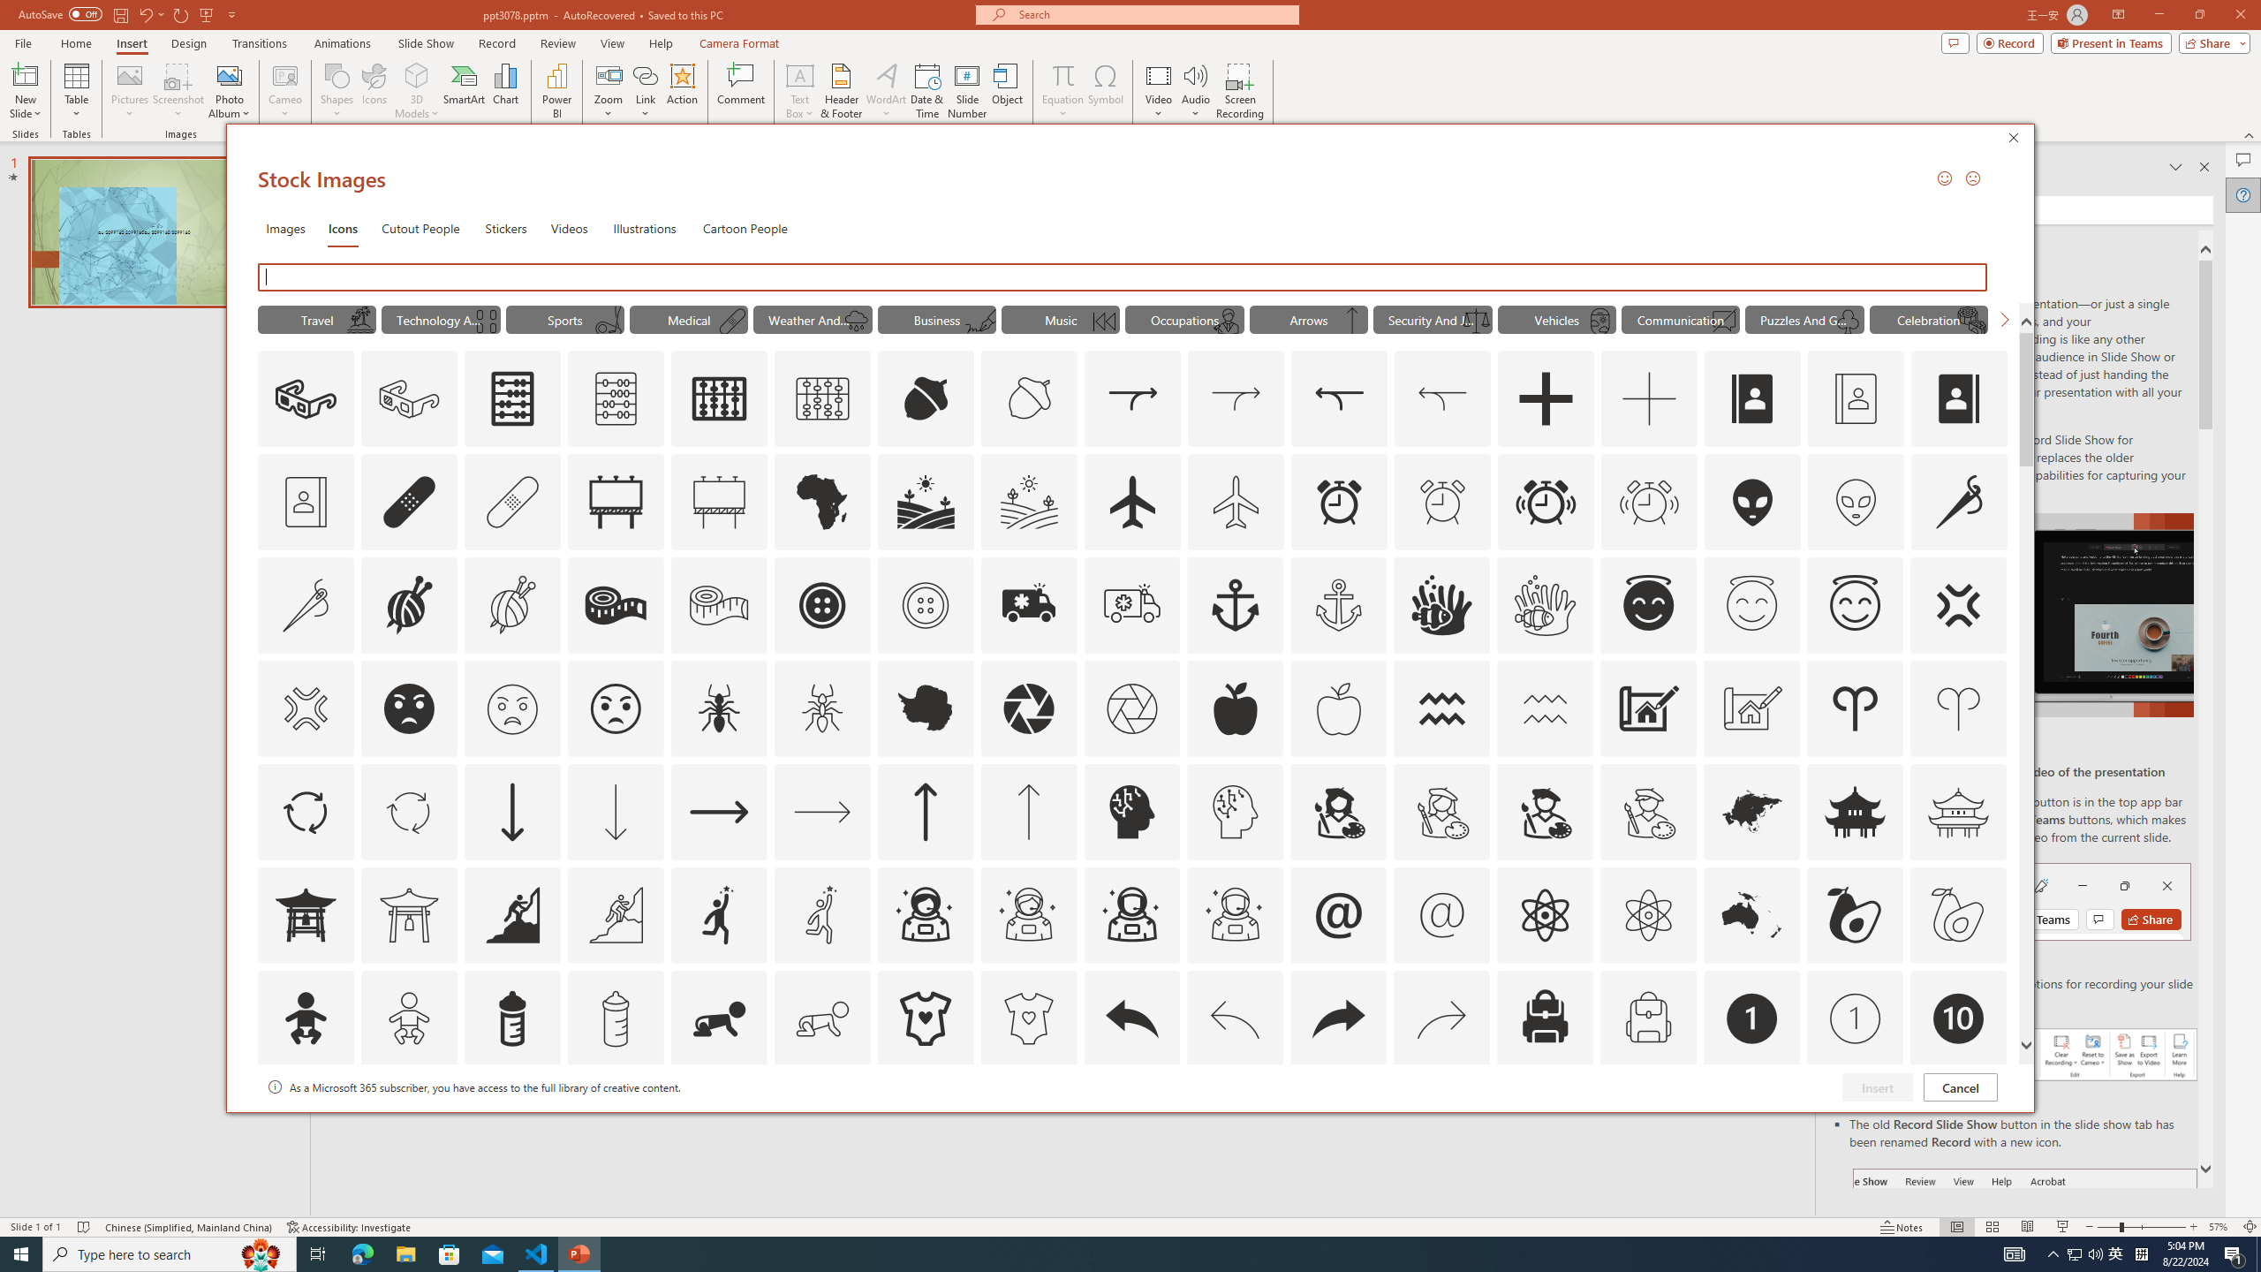  Describe the element at coordinates (1126, 276) in the screenshot. I see `'Search Icons'` at that location.